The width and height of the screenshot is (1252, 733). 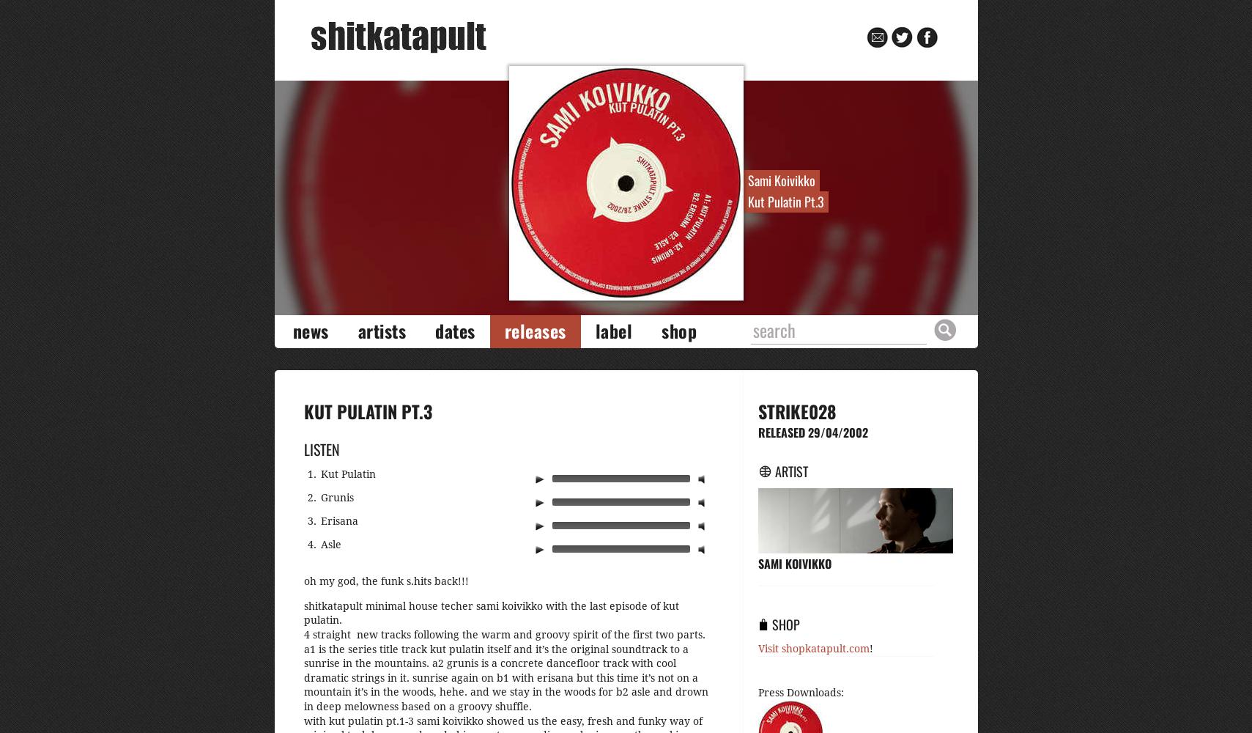 I want to click on 'Visit shopkatapult.com', so click(x=812, y=648).